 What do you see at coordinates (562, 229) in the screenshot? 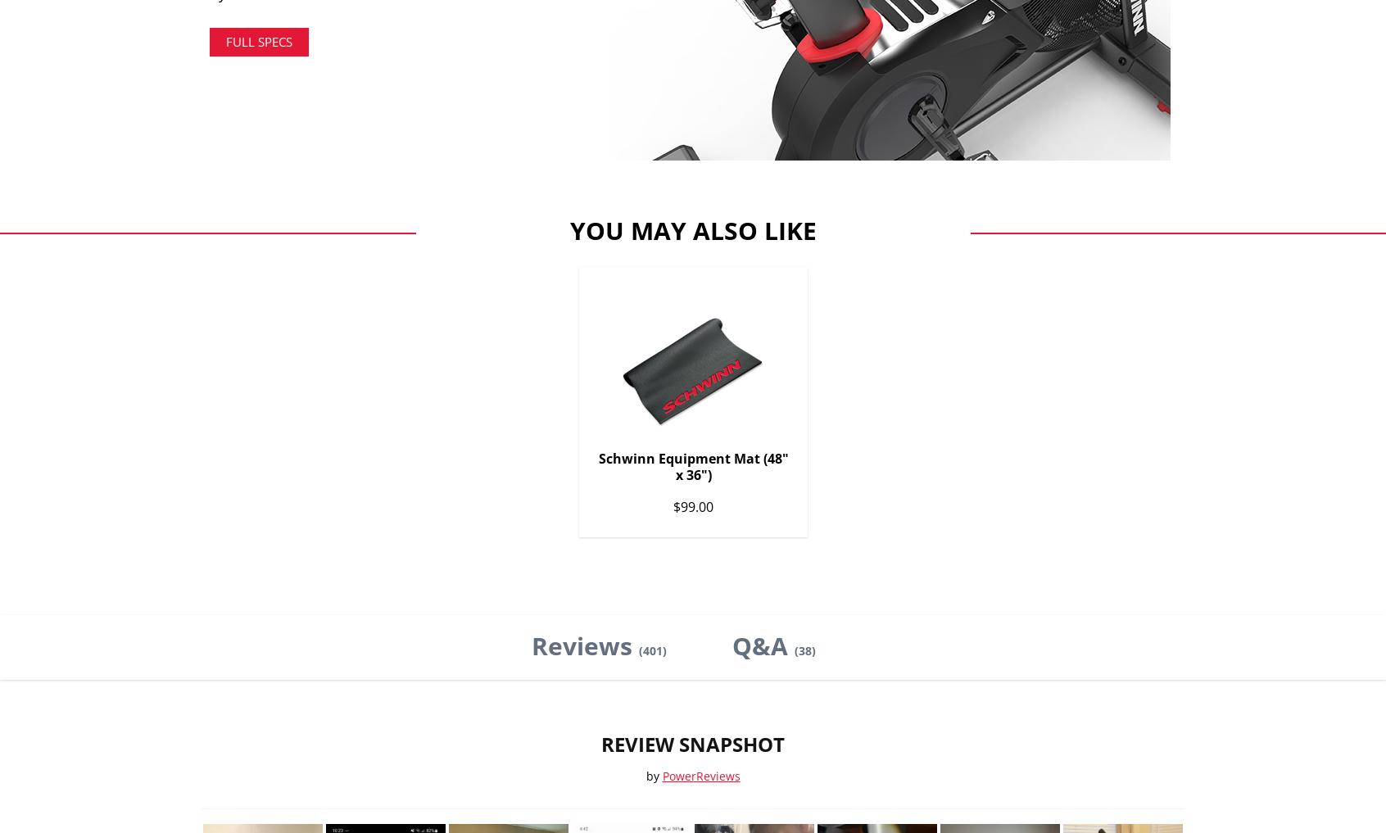
I see `'You May Also Like'` at bounding box center [562, 229].